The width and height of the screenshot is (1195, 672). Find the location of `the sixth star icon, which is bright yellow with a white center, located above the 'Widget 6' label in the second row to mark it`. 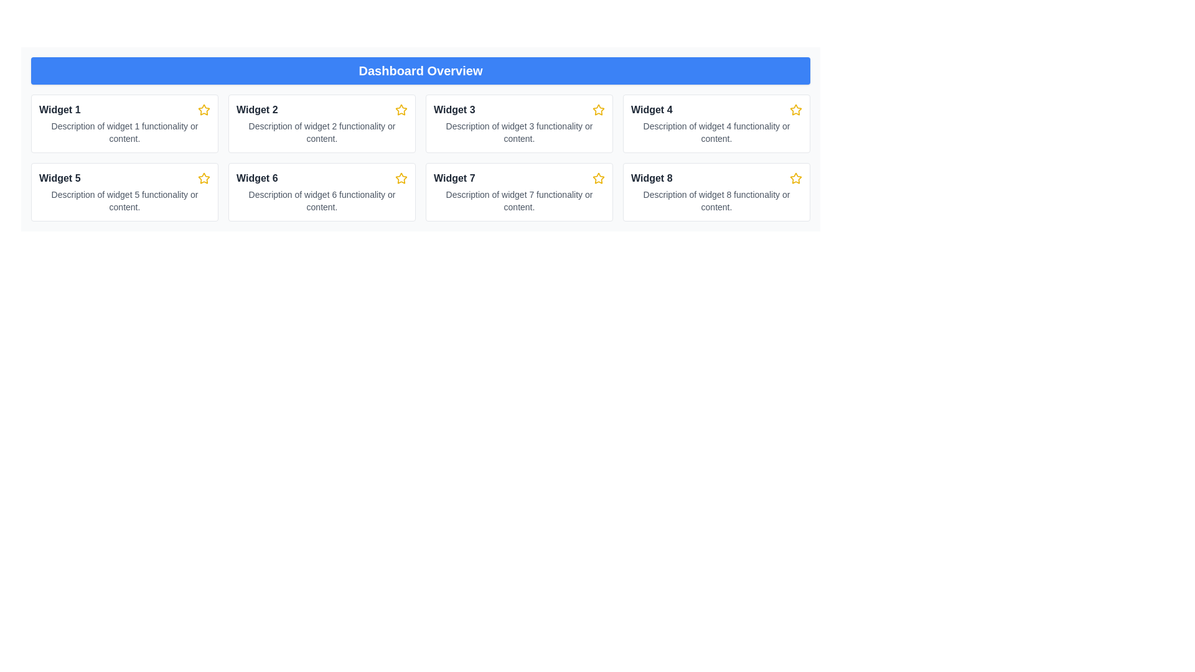

the sixth star icon, which is bright yellow with a white center, located above the 'Widget 6' label in the second row to mark it is located at coordinates (401, 178).